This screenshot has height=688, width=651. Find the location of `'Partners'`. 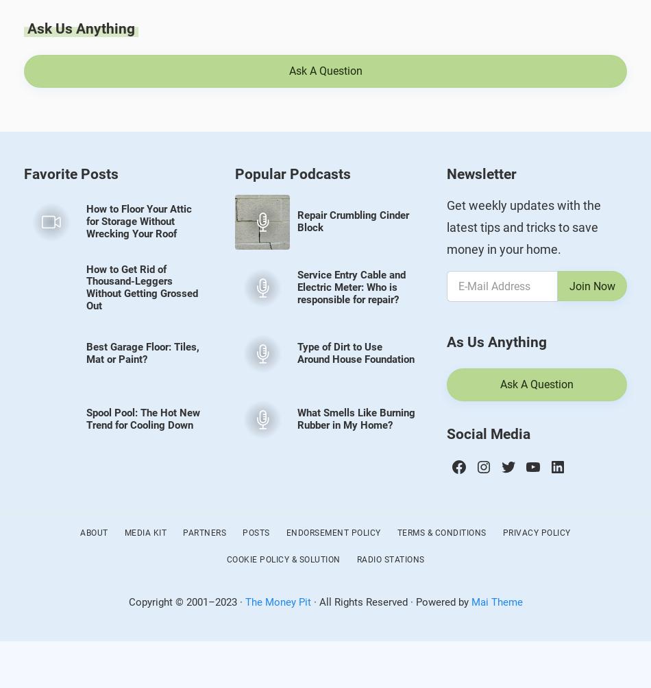

'Partners' is located at coordinates (204, 532).